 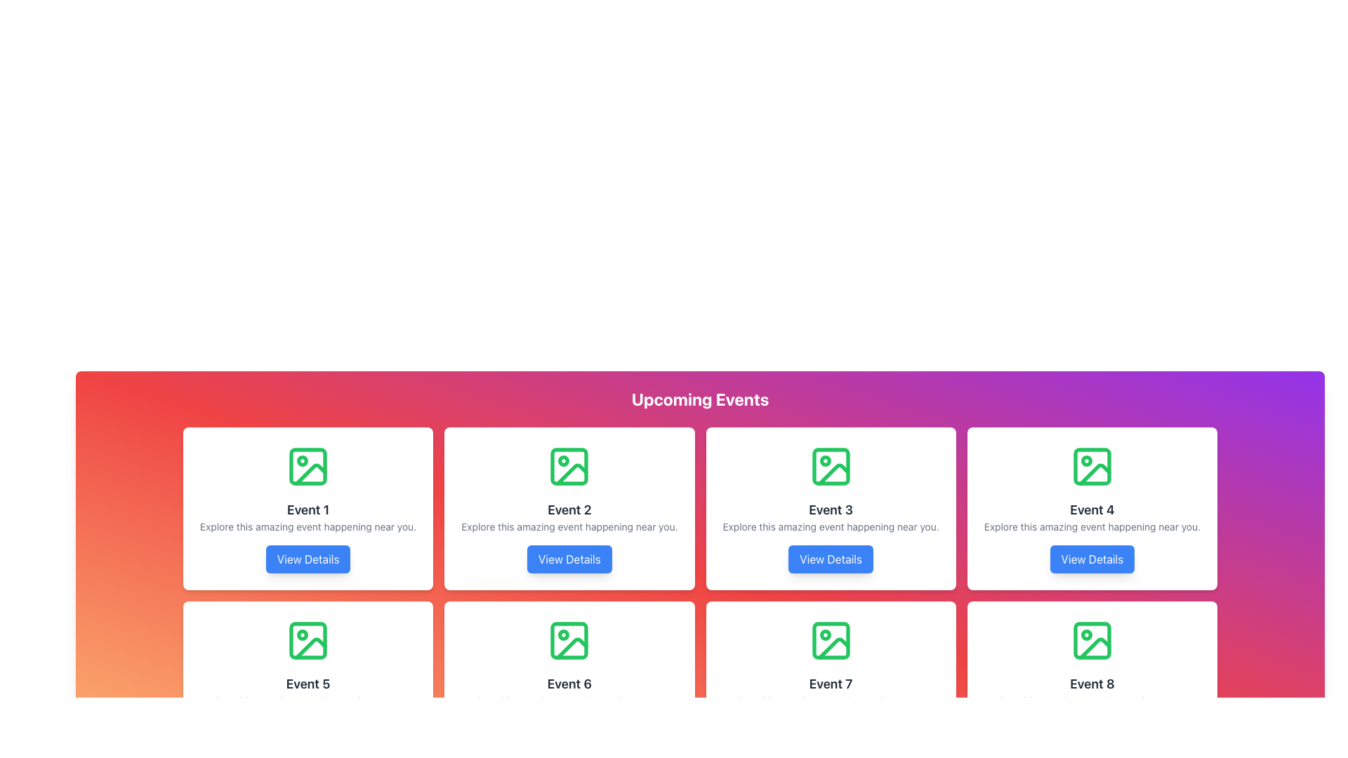 What do you see at coordinates (825, 460) in the screenshot?
I see `decorative SVG circle located at the top-center area of the third event card in the row` at bounding box center [825, 460].